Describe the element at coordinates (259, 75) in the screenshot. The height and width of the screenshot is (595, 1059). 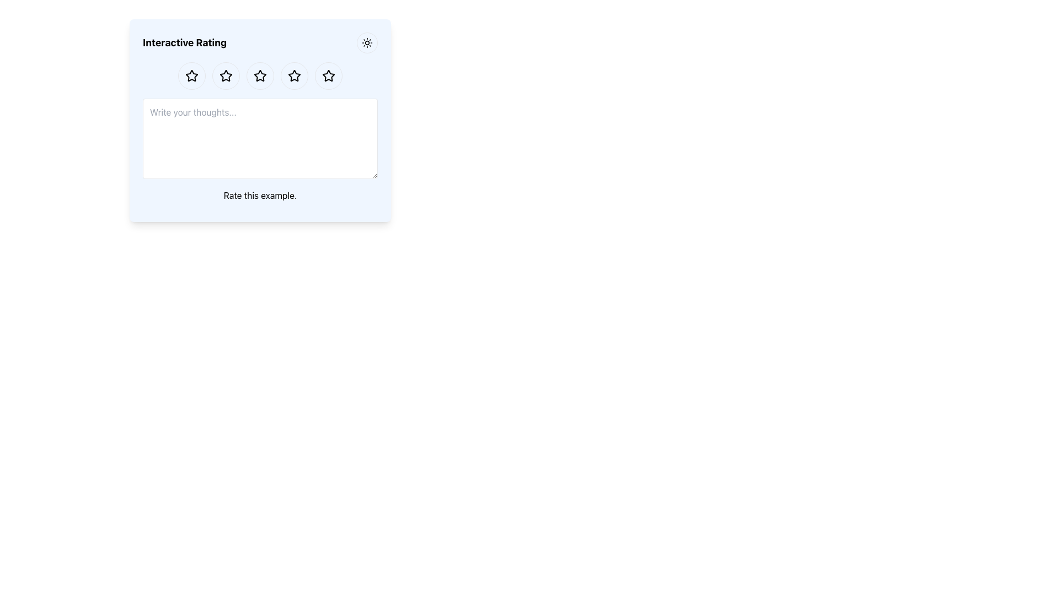
I see `the third star icon in the horizontally aligned group of rating stars` at that location.